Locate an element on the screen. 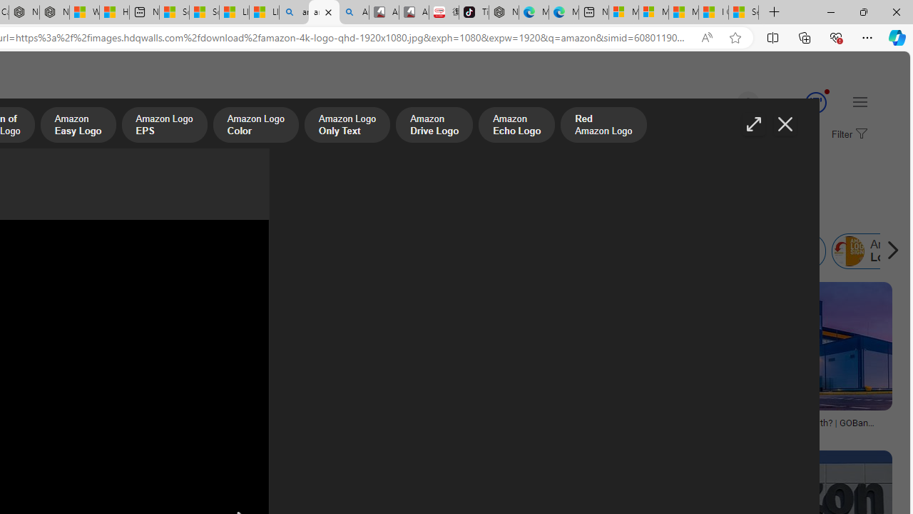 The image size is (913, 514). 'Close image' is located at coordinates (784, 124).